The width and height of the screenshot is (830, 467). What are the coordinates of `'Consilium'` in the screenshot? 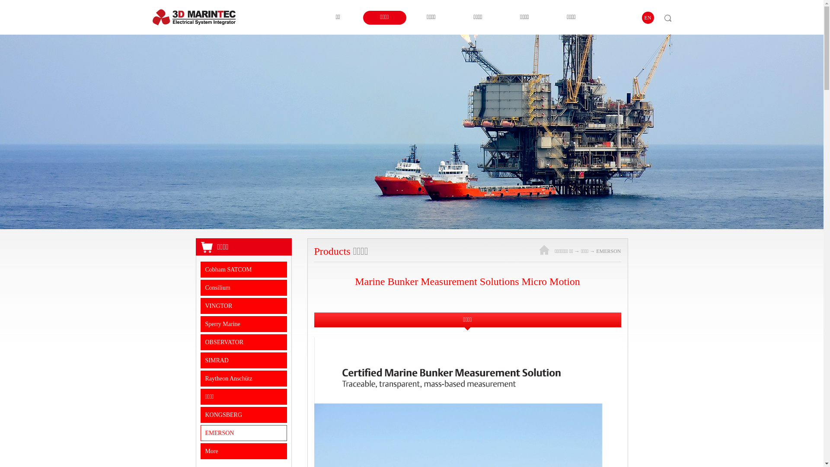 It's located at (243, 288).